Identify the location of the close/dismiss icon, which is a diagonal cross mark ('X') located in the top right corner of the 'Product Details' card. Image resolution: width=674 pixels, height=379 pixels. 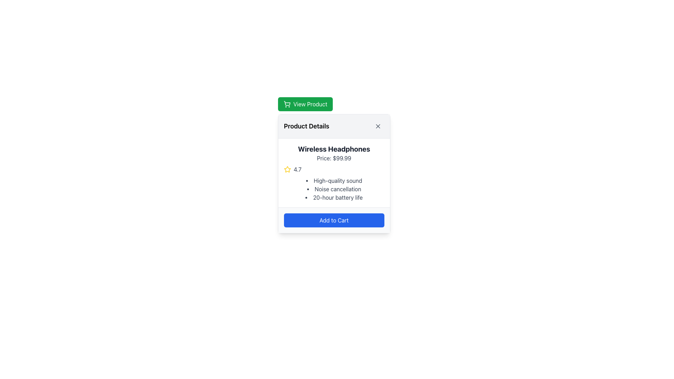
(377, 126).